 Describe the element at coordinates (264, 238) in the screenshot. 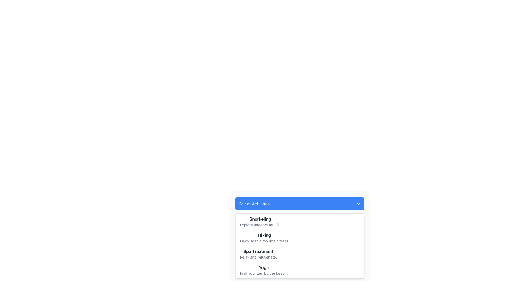

I see `the text display element titled 'Hiking'` at that location.